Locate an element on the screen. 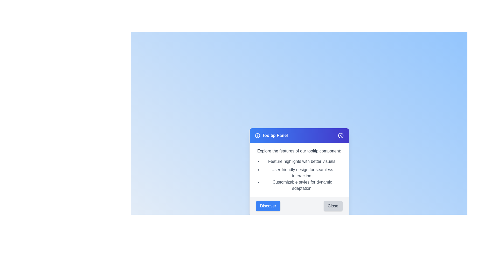  the second item in the bullet-point list describing the user-friendly design feature, which is located in the center of the tooltip component box is located at coordinates (302, 173).